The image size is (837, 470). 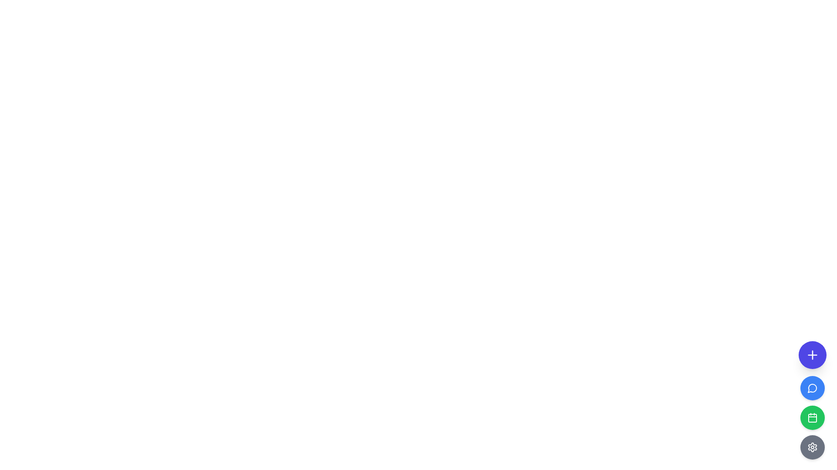 I want to click on the calendar trigger button located between a blue button with a speech bubble icon above and a gray button with a settings icon below, so click(x=812, y=417).